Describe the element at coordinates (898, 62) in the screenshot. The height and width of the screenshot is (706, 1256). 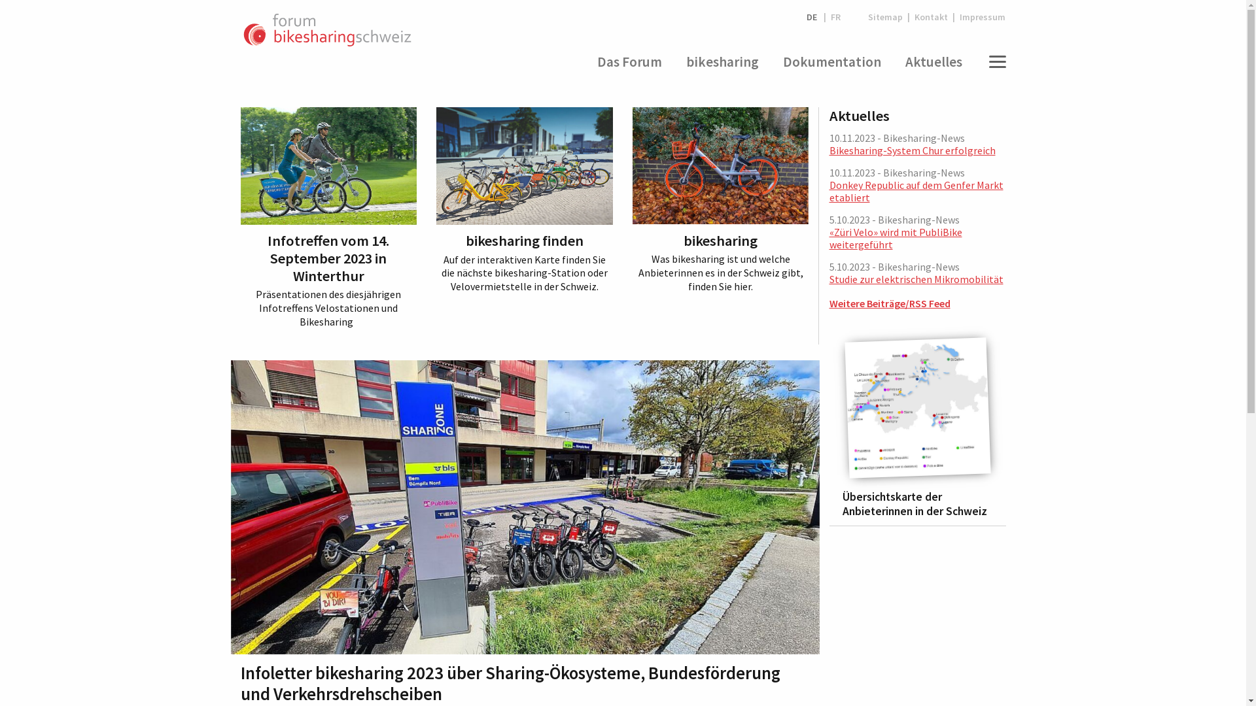
I see `'Aktuelles'` at that location.